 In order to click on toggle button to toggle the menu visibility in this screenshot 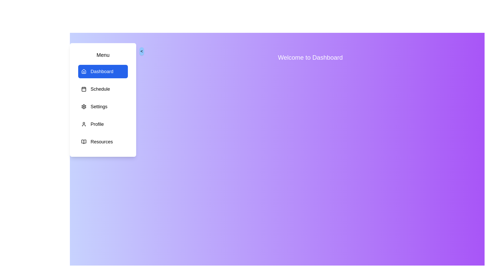, I will do `click(142, 51)`.